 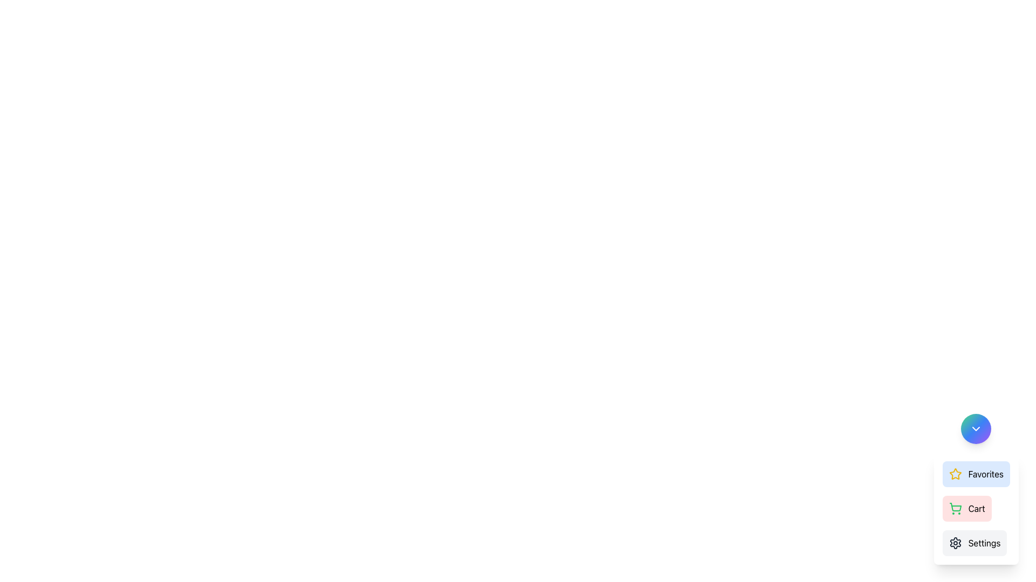 I want to click on the blue 'Favorites' button with a yellow star icon, so click(x=976, y=473).